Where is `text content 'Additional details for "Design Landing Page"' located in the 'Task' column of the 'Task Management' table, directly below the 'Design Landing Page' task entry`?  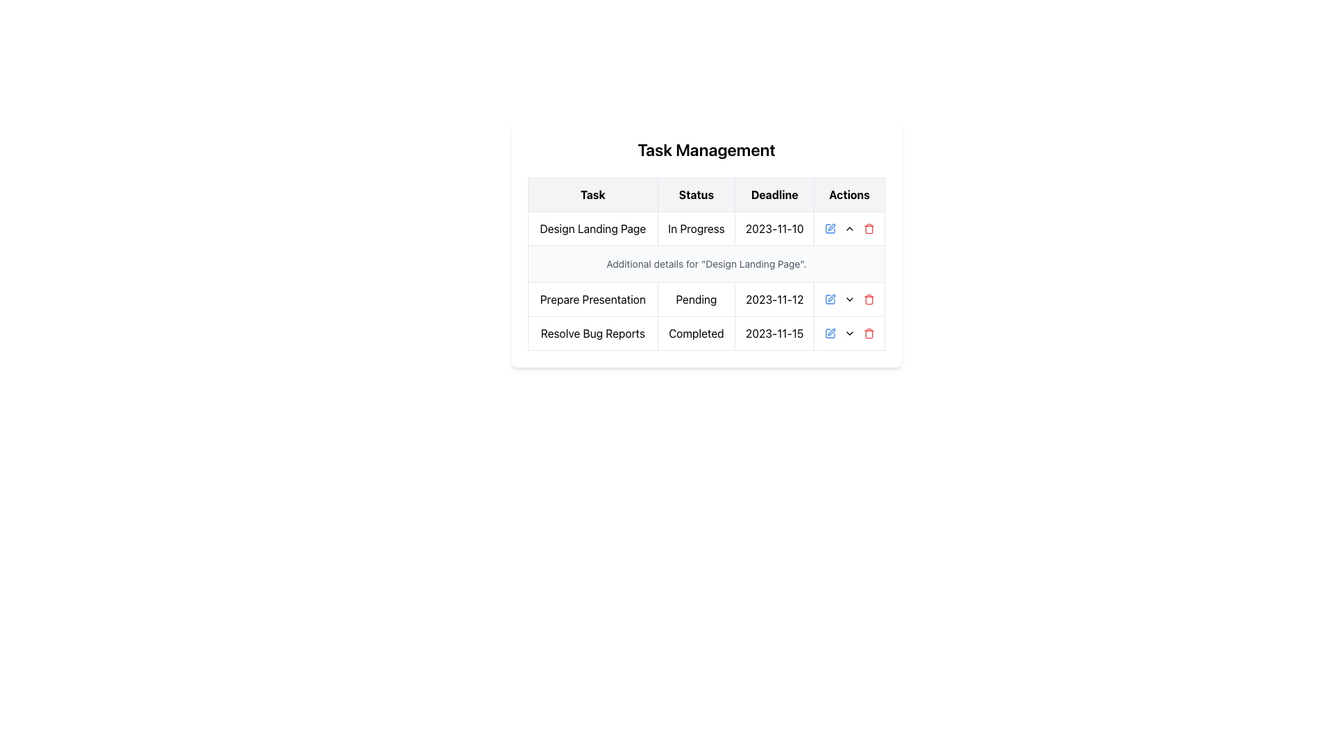 text content 'Additional details for "Design Landing Page"' located in the 'Task' column of the 'Task Management' table, directly below the 'Design Landing Page' task entry is located at coordinates (706, 264).